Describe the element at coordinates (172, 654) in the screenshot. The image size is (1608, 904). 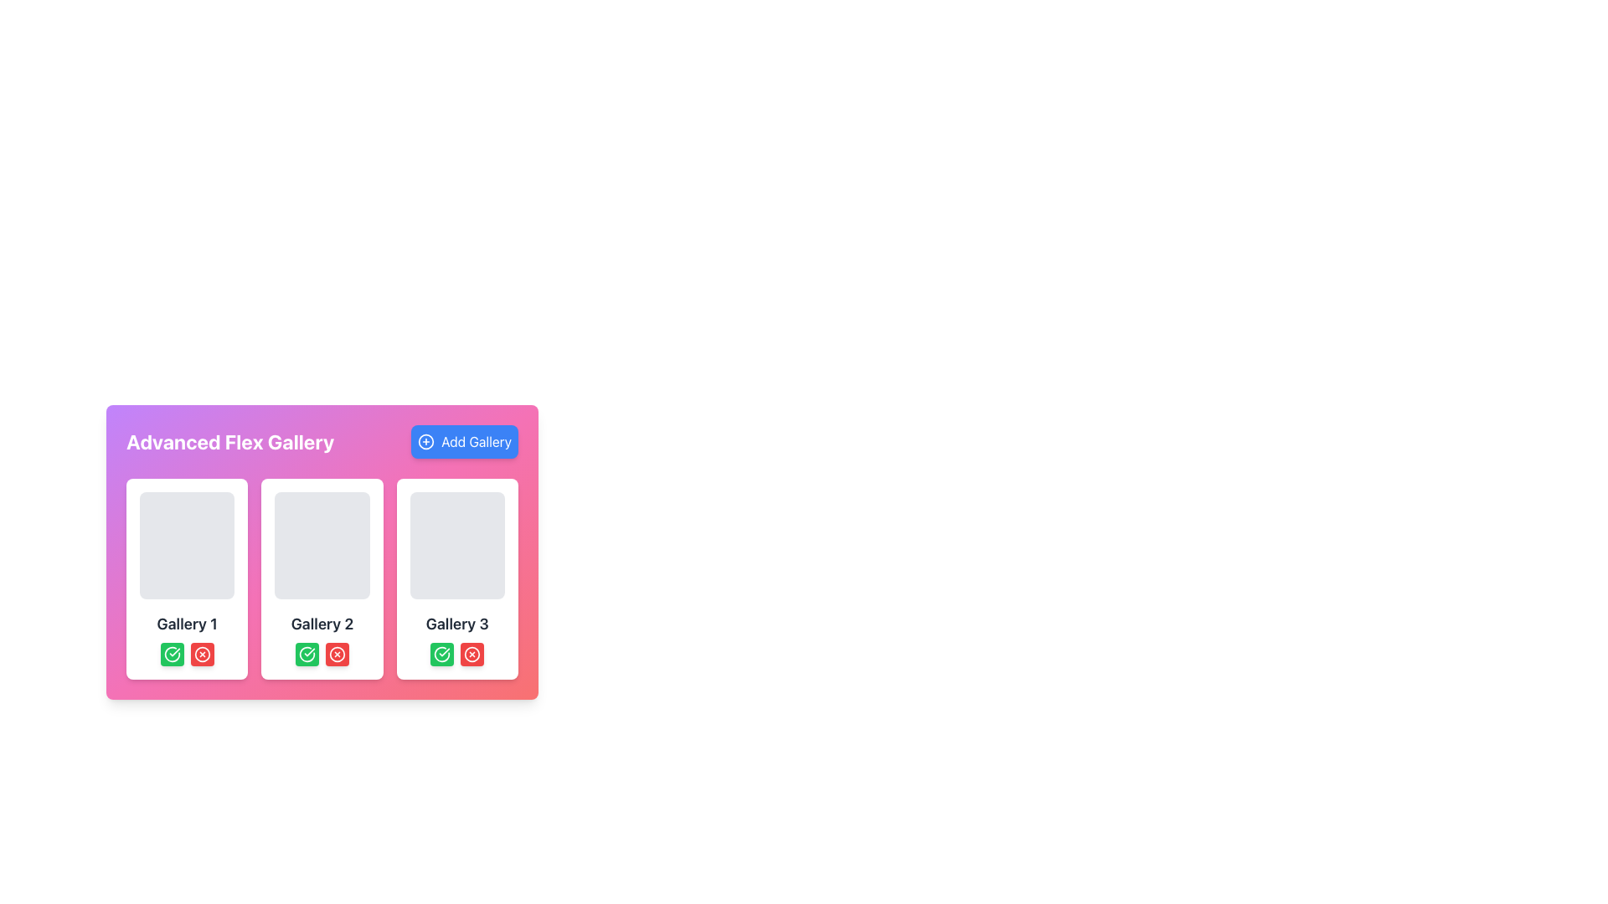
I see `the circular graphical component of the green checkmark button located in the third gallery card under 'Gallery 3'` at that location.